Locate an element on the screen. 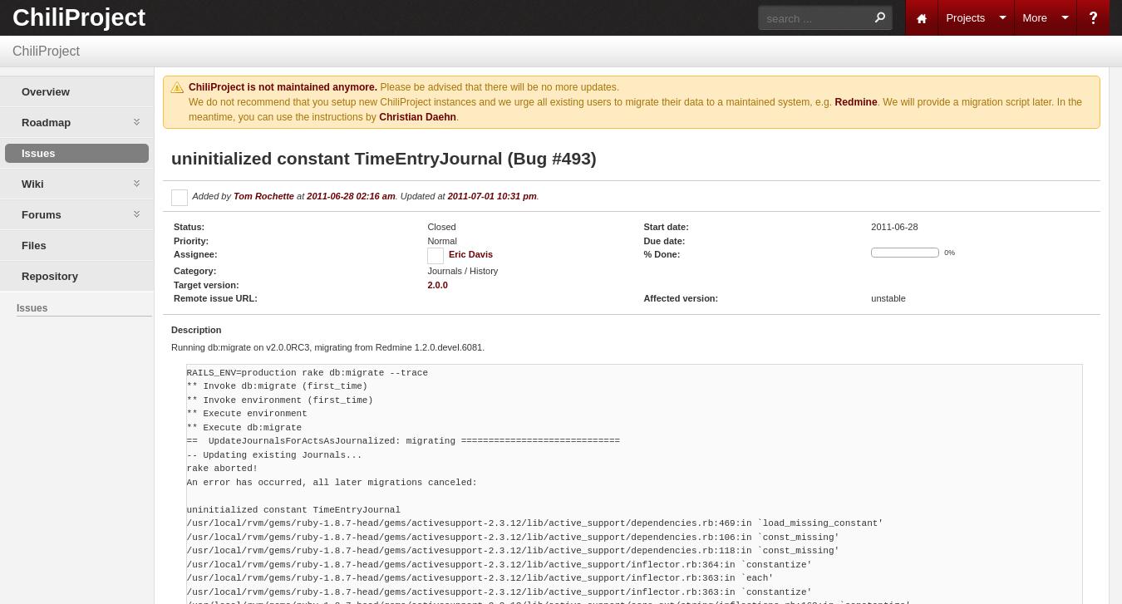 The image size is (1122, 604). 'Roadmap' is located at coordinates (45, 122).